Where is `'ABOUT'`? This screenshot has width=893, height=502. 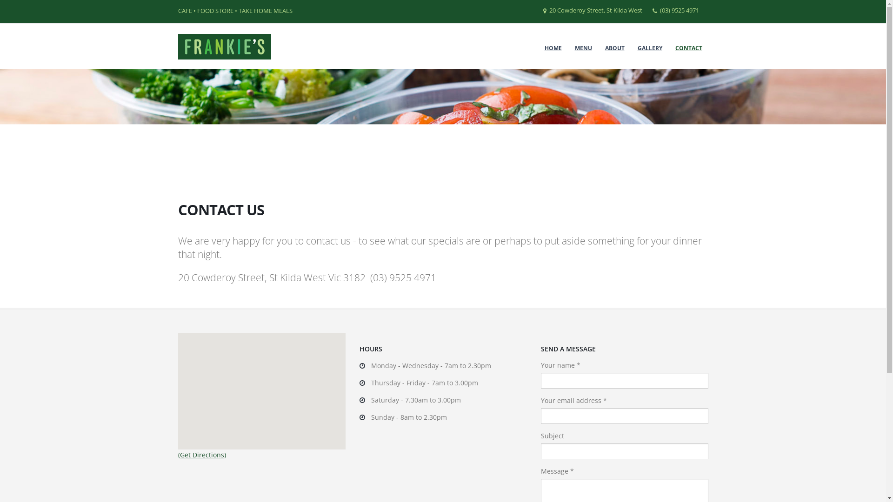 'ABOUT' is located at coordinates (614, 48).